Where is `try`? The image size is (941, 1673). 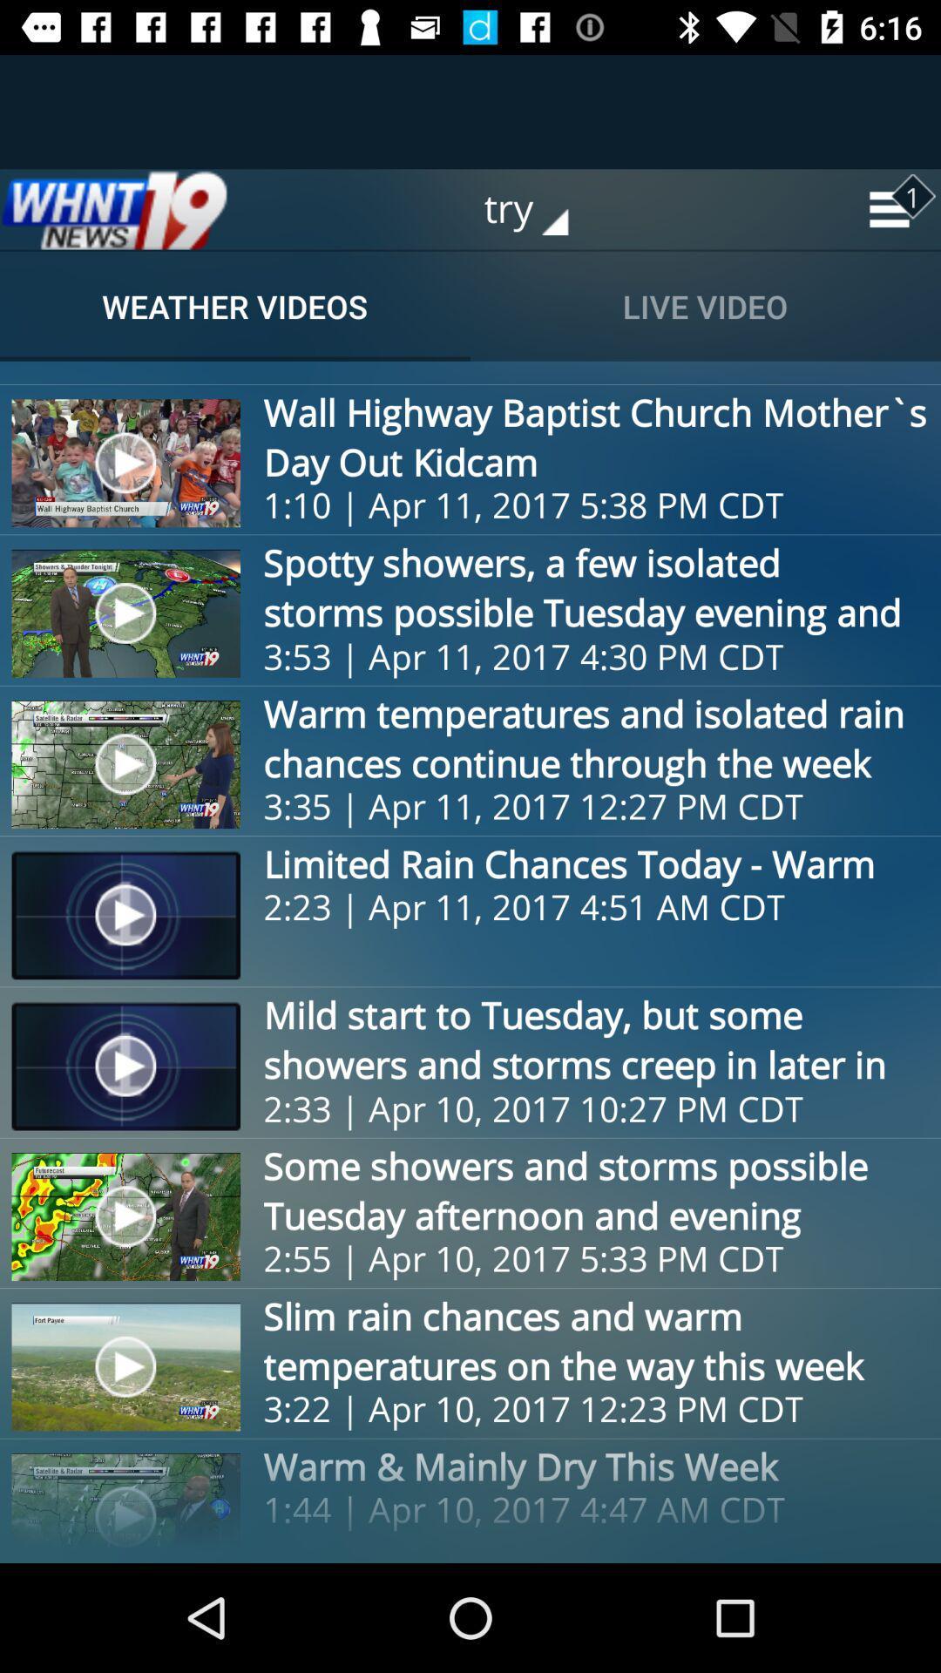 try is located at coordinates (538, 209).